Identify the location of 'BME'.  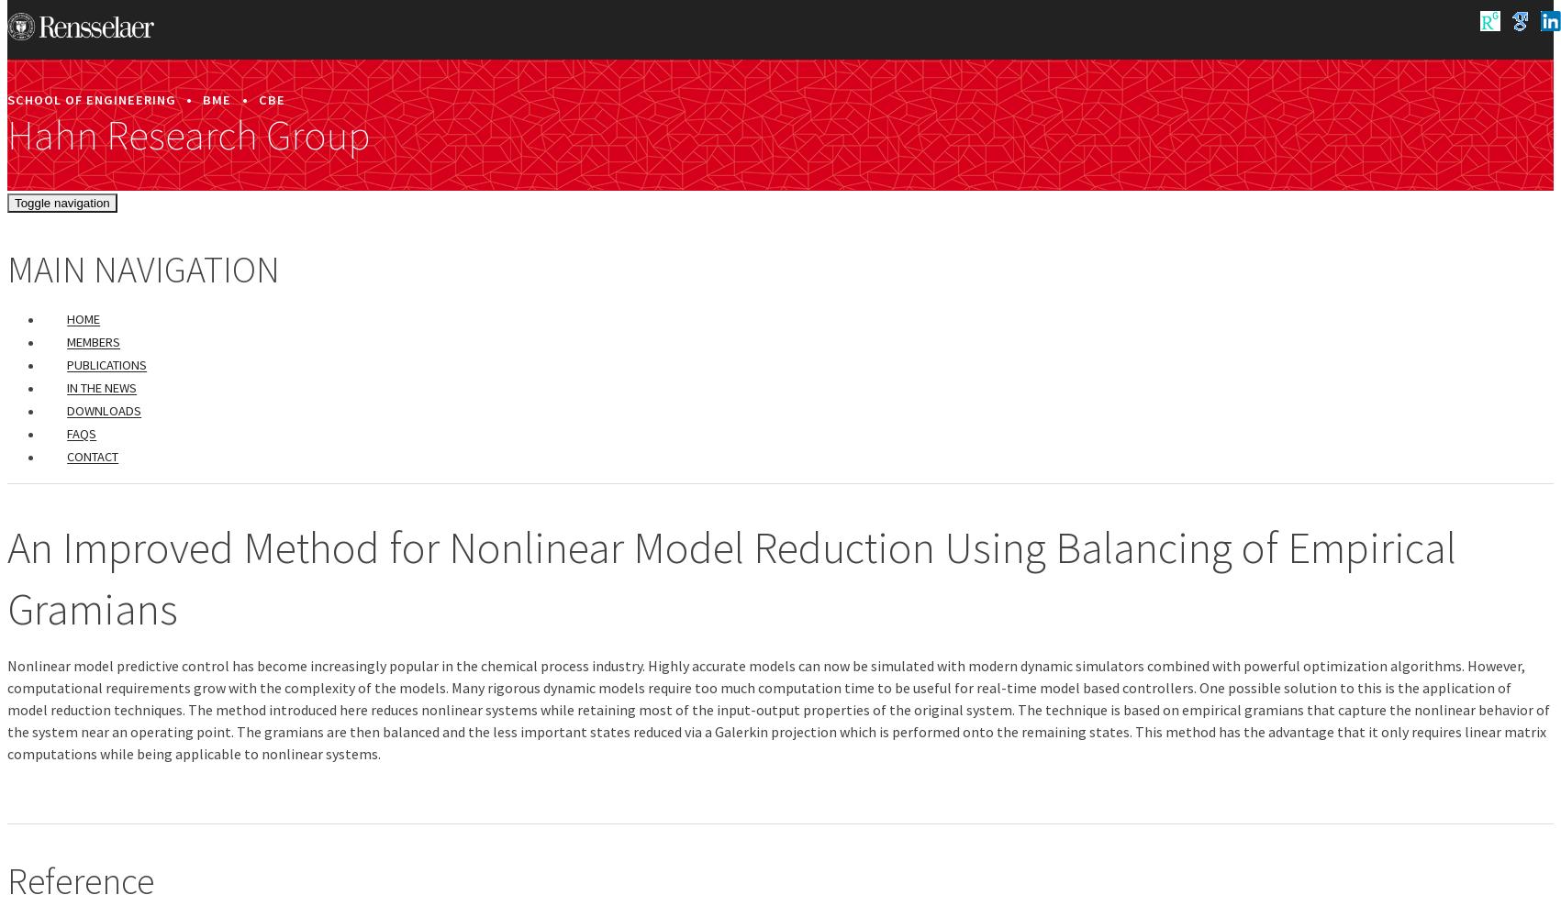
(216, 98).